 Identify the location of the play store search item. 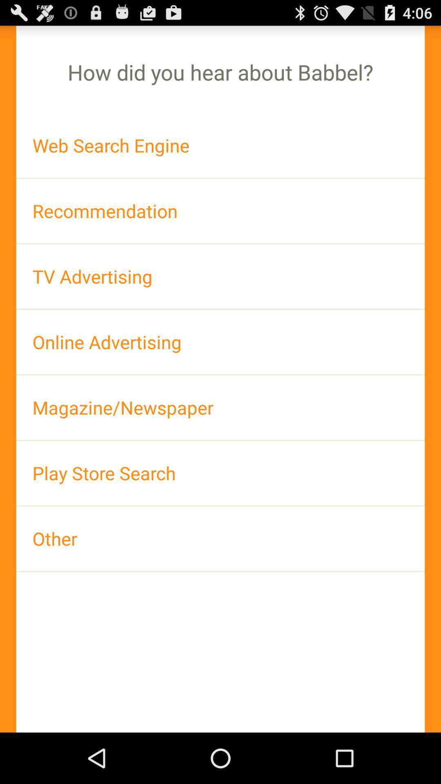
(220, 473).